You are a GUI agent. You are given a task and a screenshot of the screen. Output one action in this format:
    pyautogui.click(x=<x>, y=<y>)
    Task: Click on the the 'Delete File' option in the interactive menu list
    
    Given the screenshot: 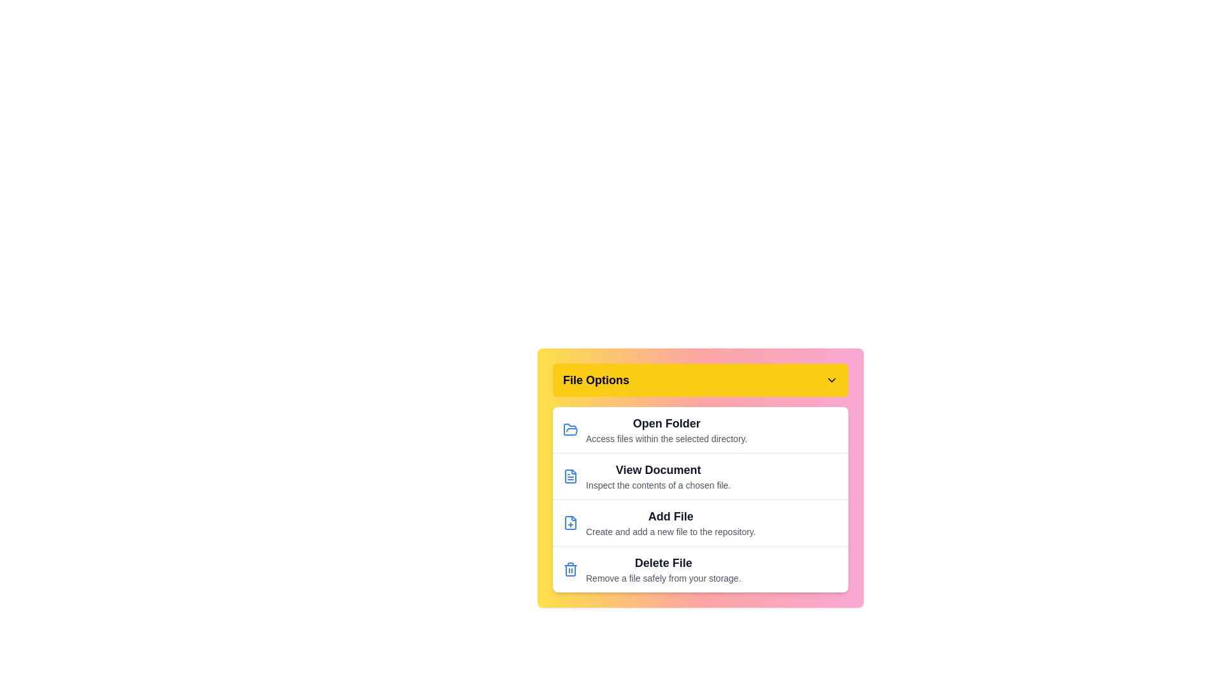 What is the action you would take?
    pyautogui.click(x=699, y=568)
    